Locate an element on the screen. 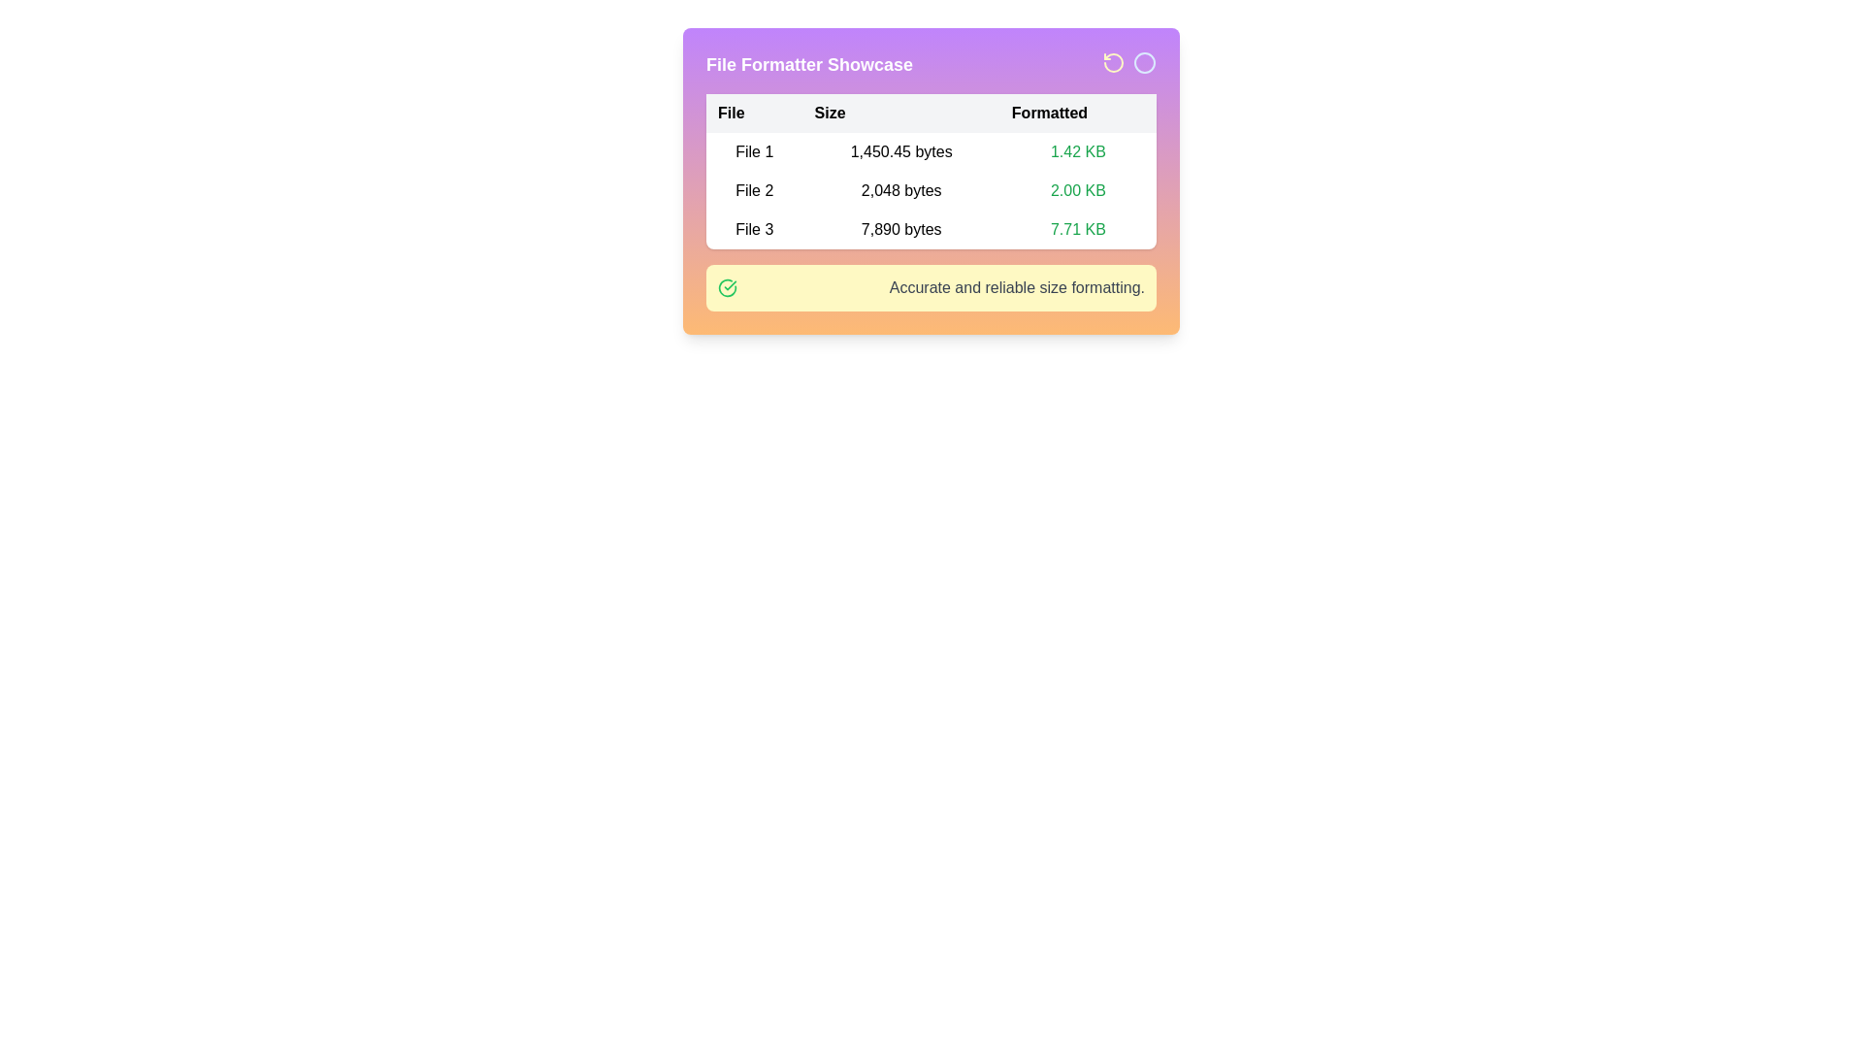 Image resolution: width=1863 pixels, height=1048 pixels. the first informational row in the table-like display that shows details about a file, including its name and size, located directly above 'File 2' is located at coordinates (931, 151).